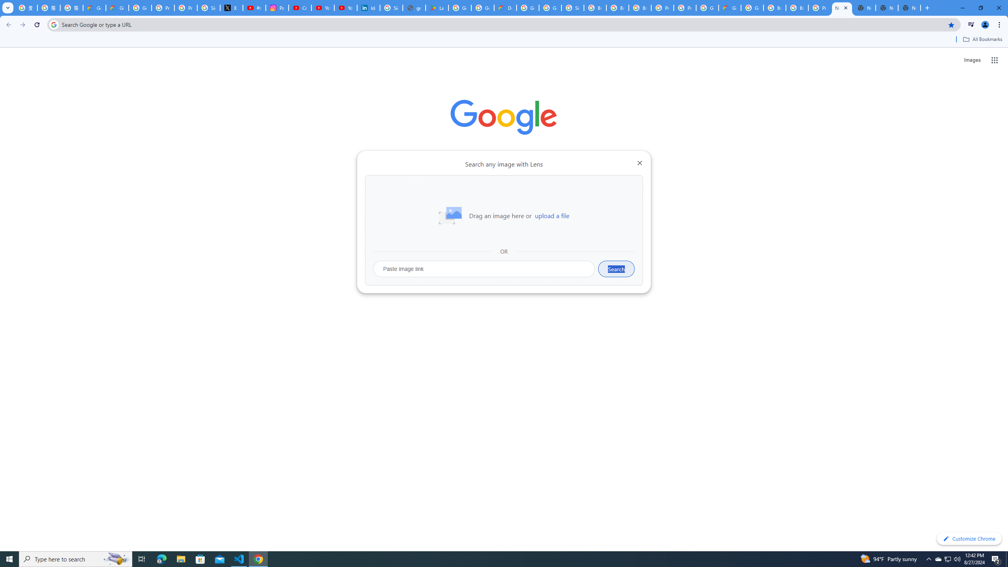  I want to click on 'Google apps', so click(995, 60).